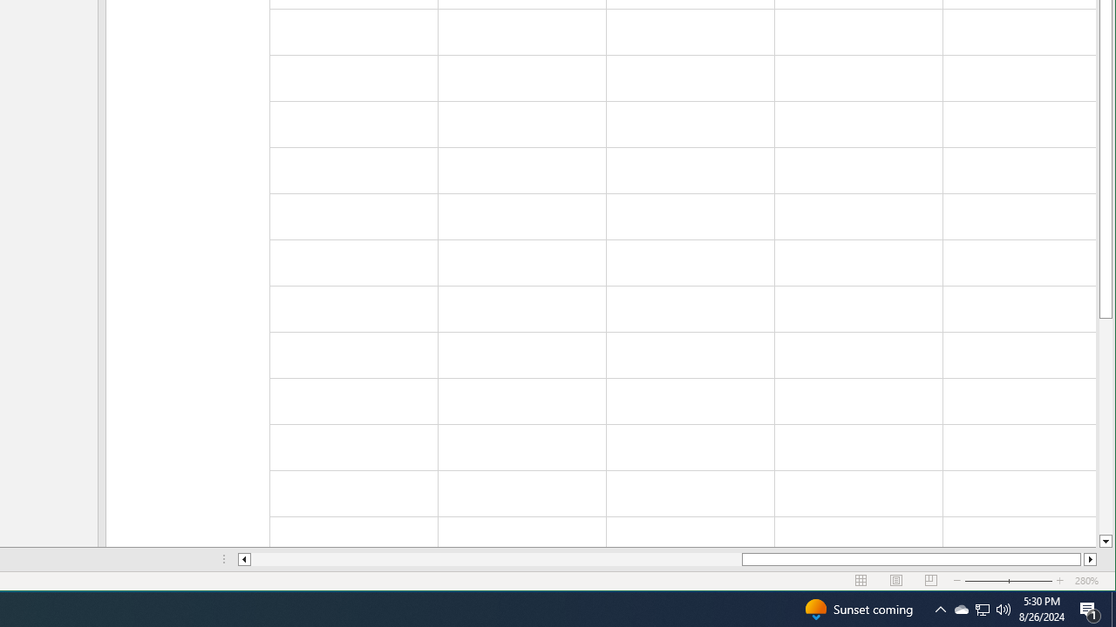 Image resolution: width=1116 pixels, height=627 pixels. Describe the element at coordinates (940, 608) in the screenshot. I see `'Notification Chevron'` at that location.